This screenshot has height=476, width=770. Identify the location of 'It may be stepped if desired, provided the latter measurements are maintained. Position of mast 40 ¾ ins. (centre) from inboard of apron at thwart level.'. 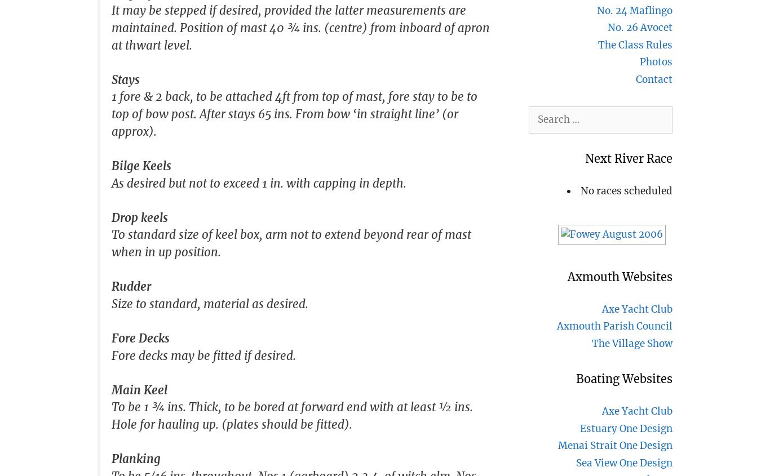
(300, 27).